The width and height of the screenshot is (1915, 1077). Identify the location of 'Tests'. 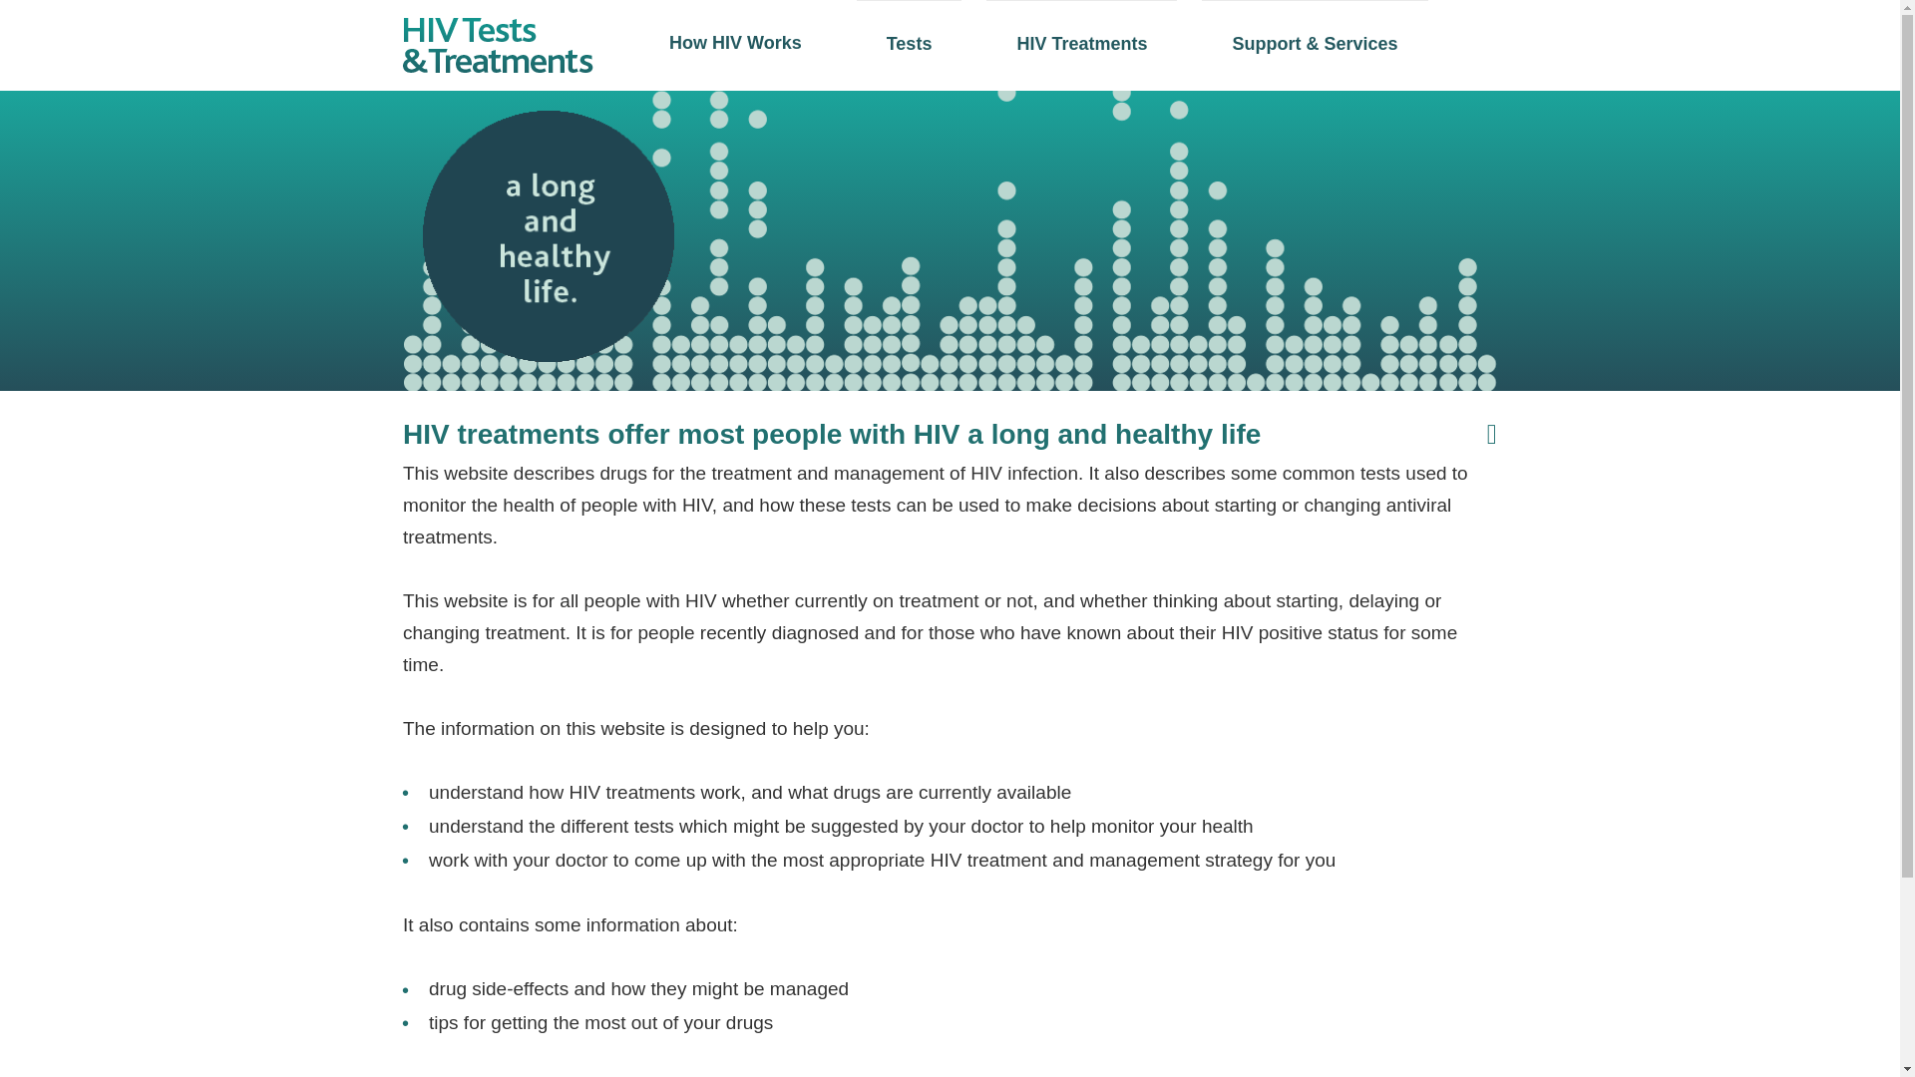
(909, 43).